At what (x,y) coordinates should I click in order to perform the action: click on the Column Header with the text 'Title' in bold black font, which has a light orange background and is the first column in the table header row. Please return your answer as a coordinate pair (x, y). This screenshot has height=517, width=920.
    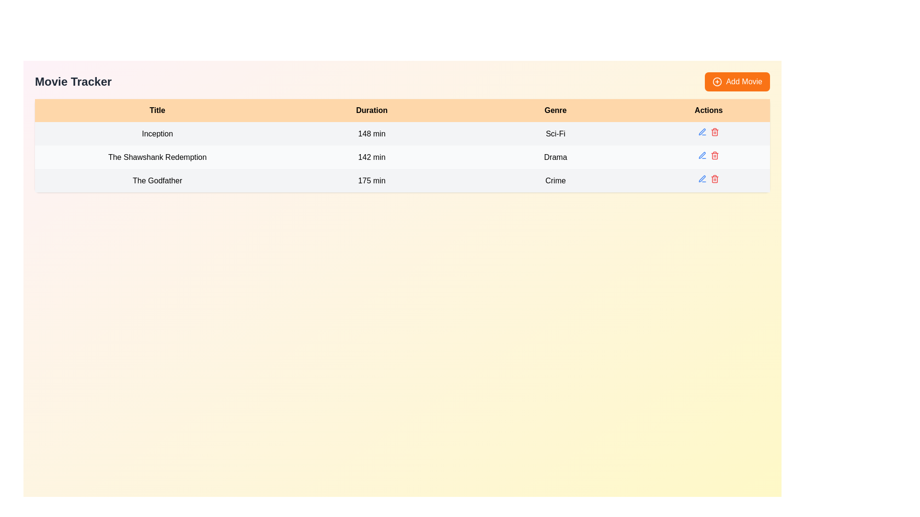
    Looking at the image, I should click on (157, 110).